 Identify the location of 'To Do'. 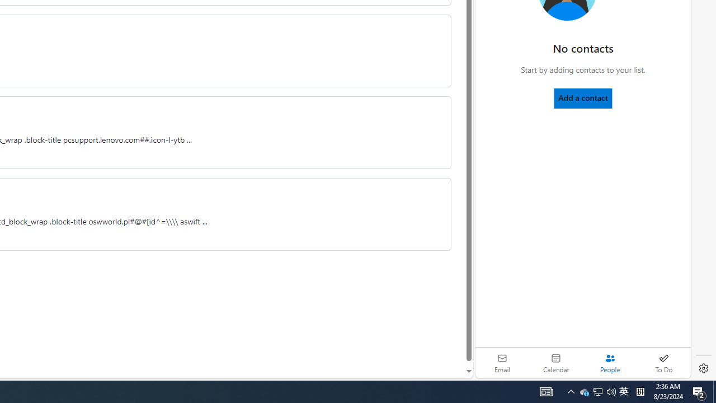
(663, 363).